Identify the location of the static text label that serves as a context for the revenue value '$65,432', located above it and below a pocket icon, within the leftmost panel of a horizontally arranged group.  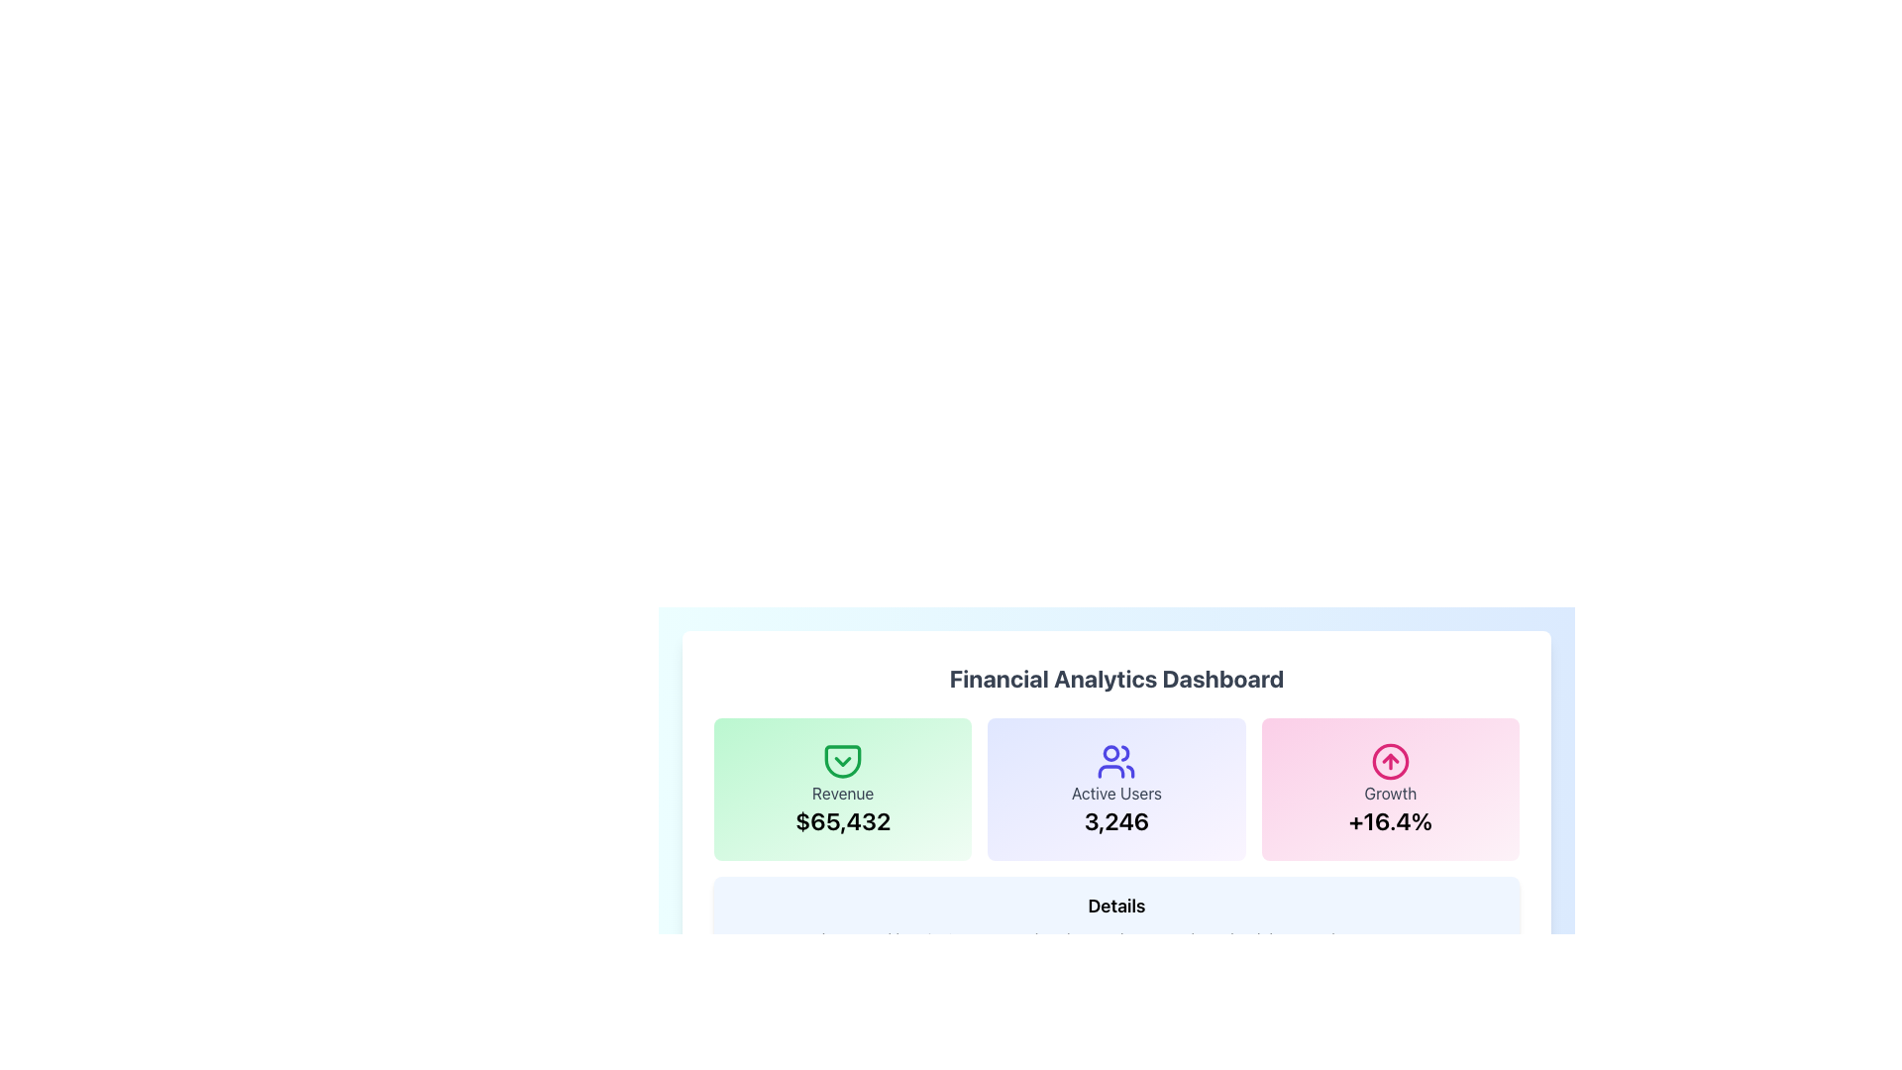
(843, 793).